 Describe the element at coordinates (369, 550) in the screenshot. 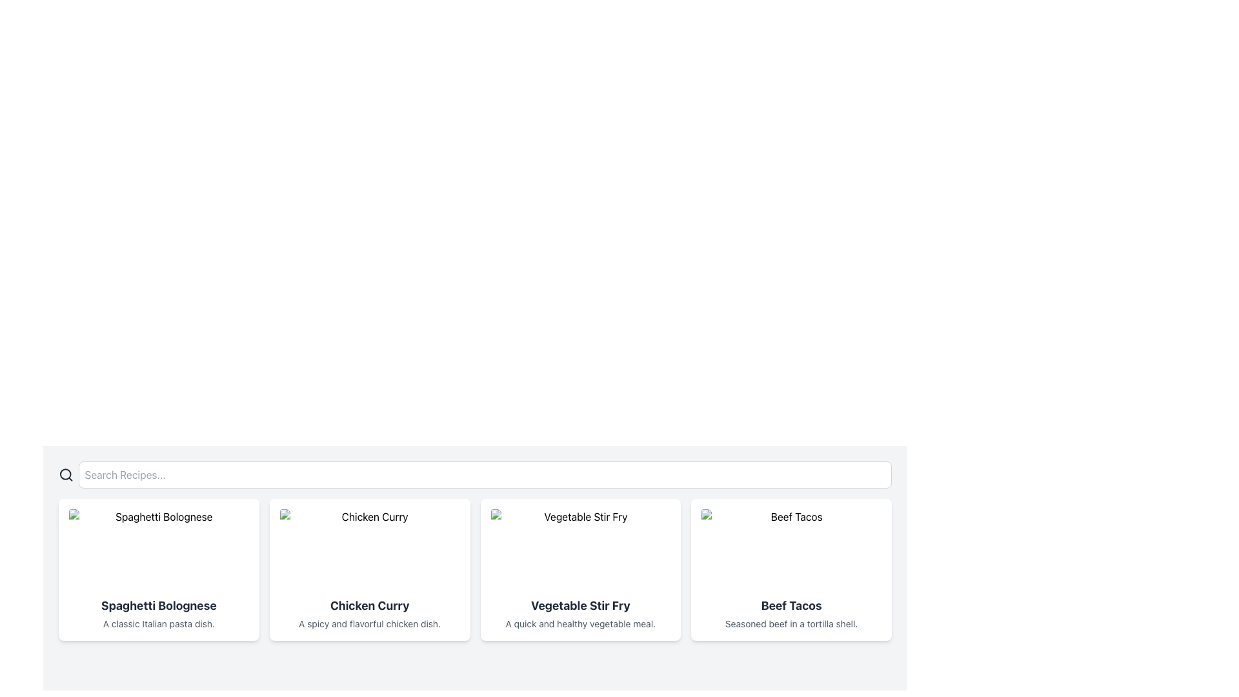

I see `the image element representing 'Chicken Curry', which is located at the top of the card above the title and description` at that location.